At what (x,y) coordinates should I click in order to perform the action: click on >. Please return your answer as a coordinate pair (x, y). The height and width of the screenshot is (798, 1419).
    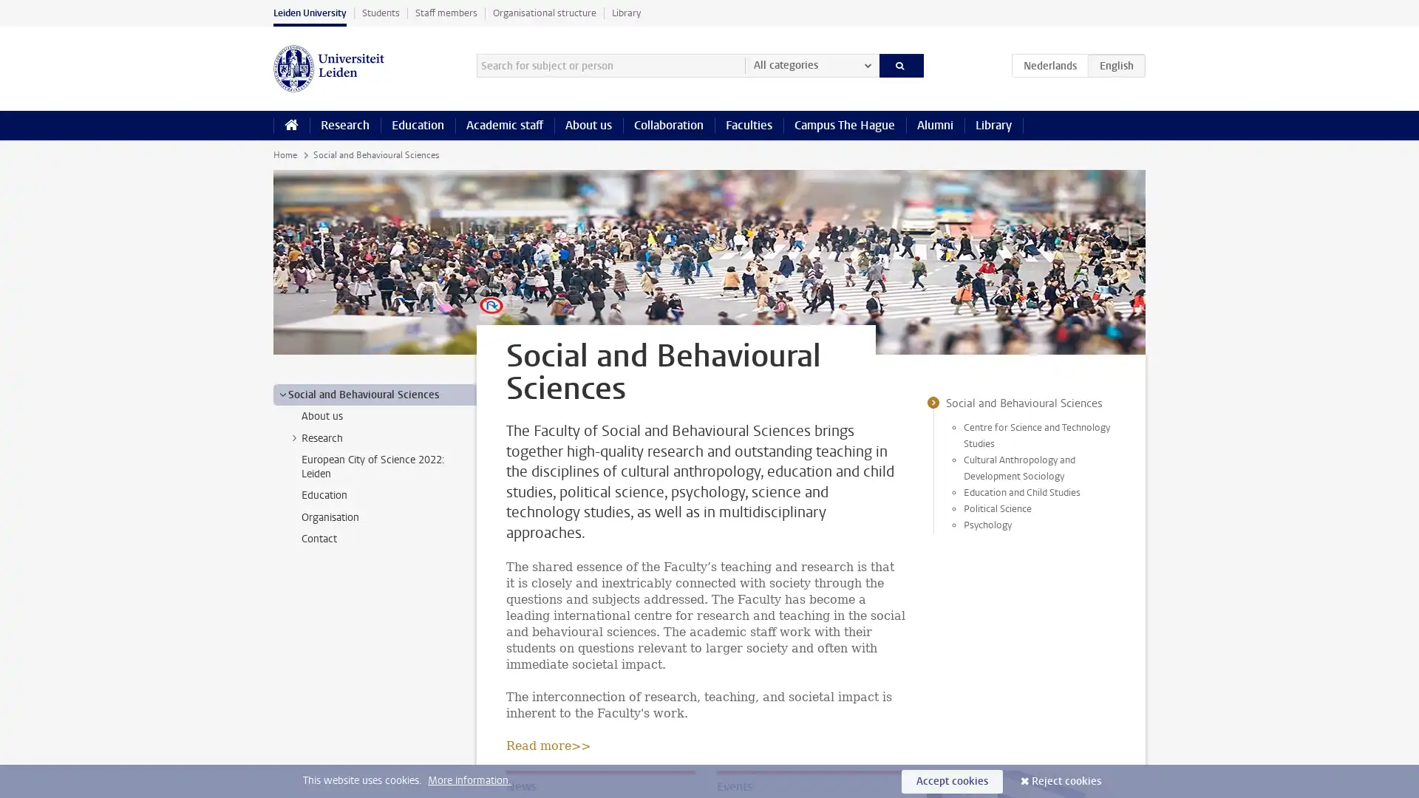
    Looking at the image, I should click on (282, 393).